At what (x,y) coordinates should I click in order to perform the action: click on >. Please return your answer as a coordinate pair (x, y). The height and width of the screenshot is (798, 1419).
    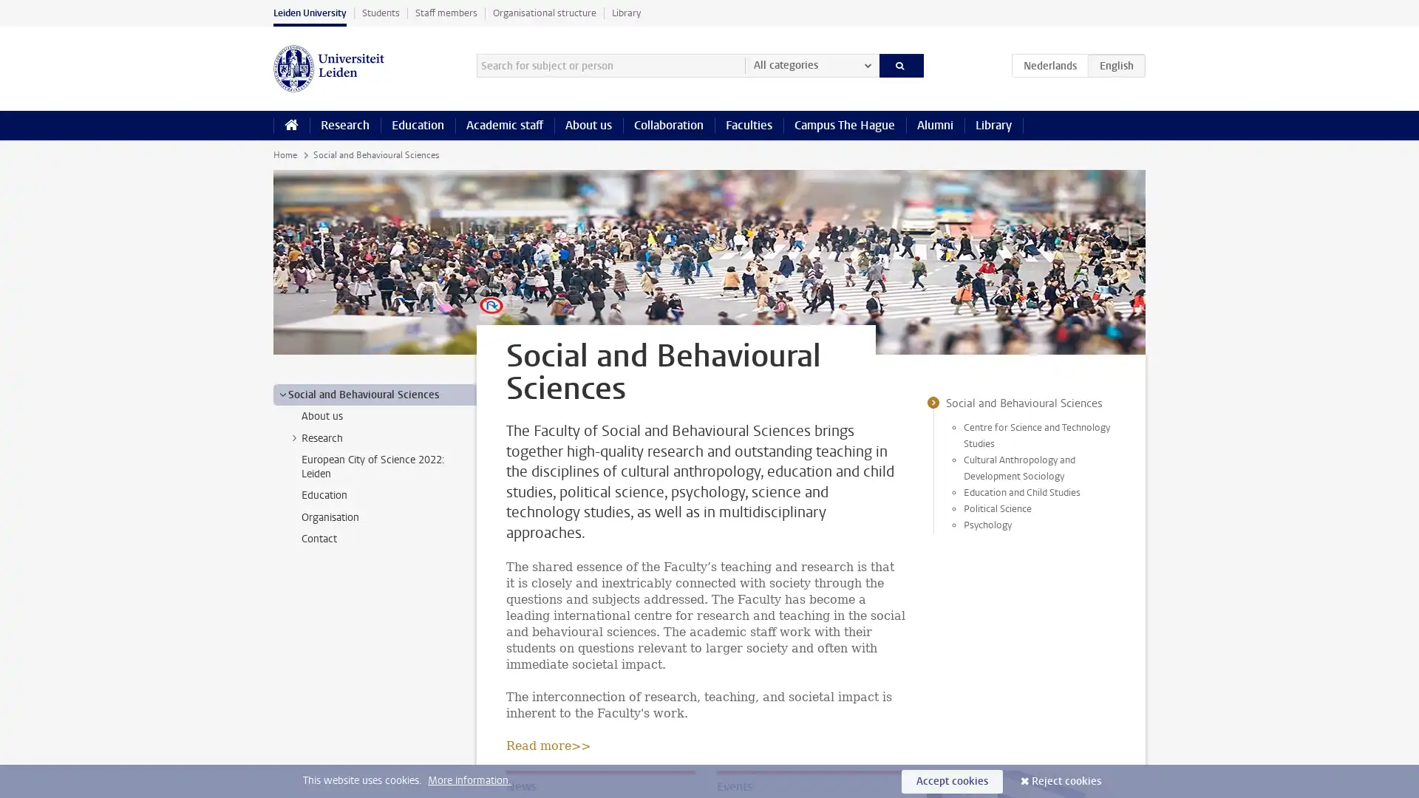
    Looking at the image, I should click on (282, 393).